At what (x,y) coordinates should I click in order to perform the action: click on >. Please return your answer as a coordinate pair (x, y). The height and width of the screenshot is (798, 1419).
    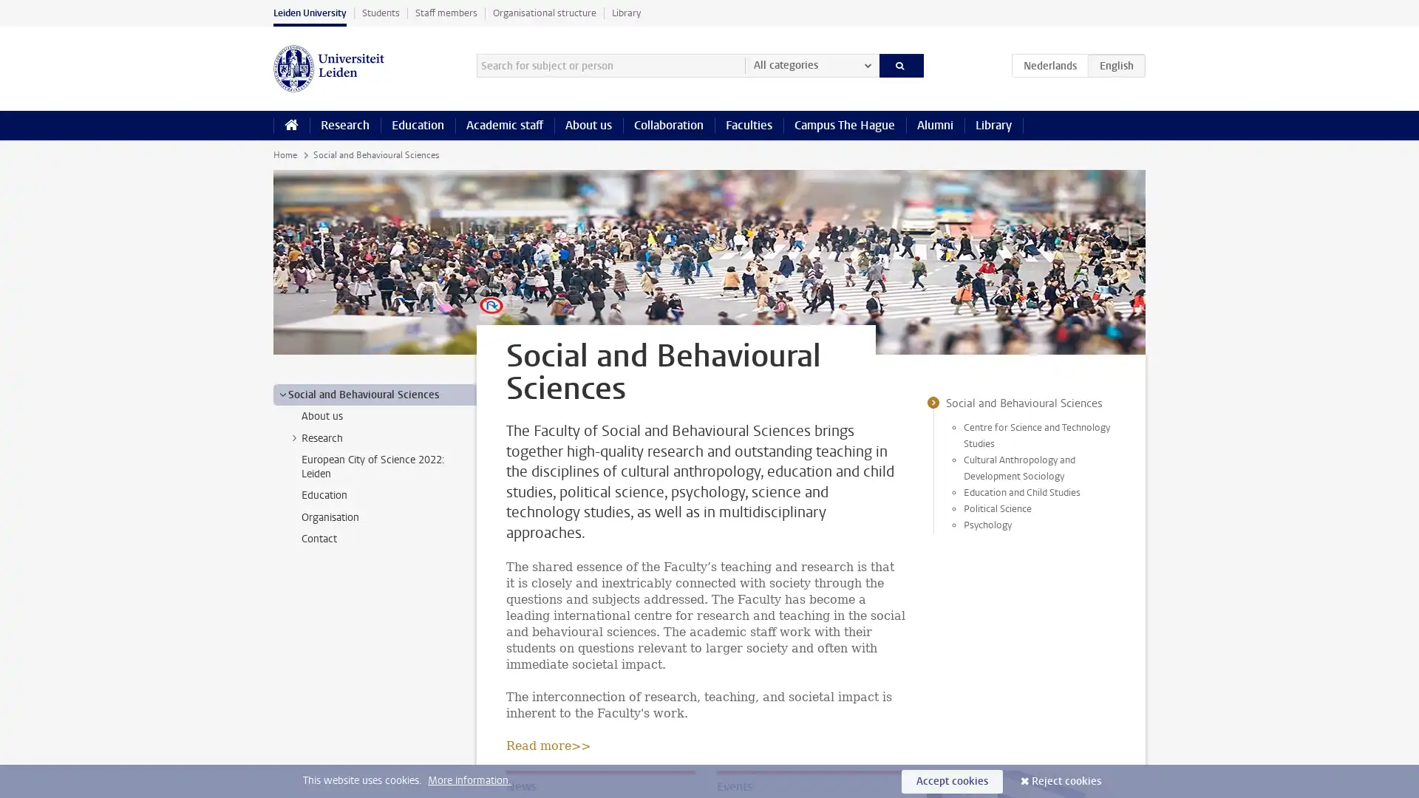
    Looking at the image, I should click on (282, 393).